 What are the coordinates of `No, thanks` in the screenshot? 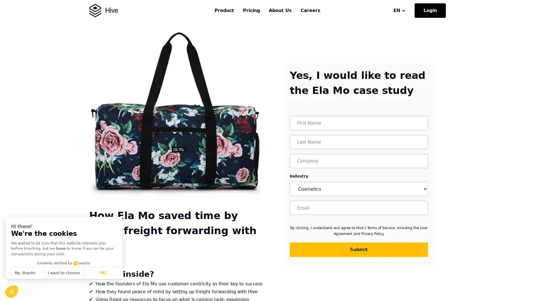 It's located at (25, 273).